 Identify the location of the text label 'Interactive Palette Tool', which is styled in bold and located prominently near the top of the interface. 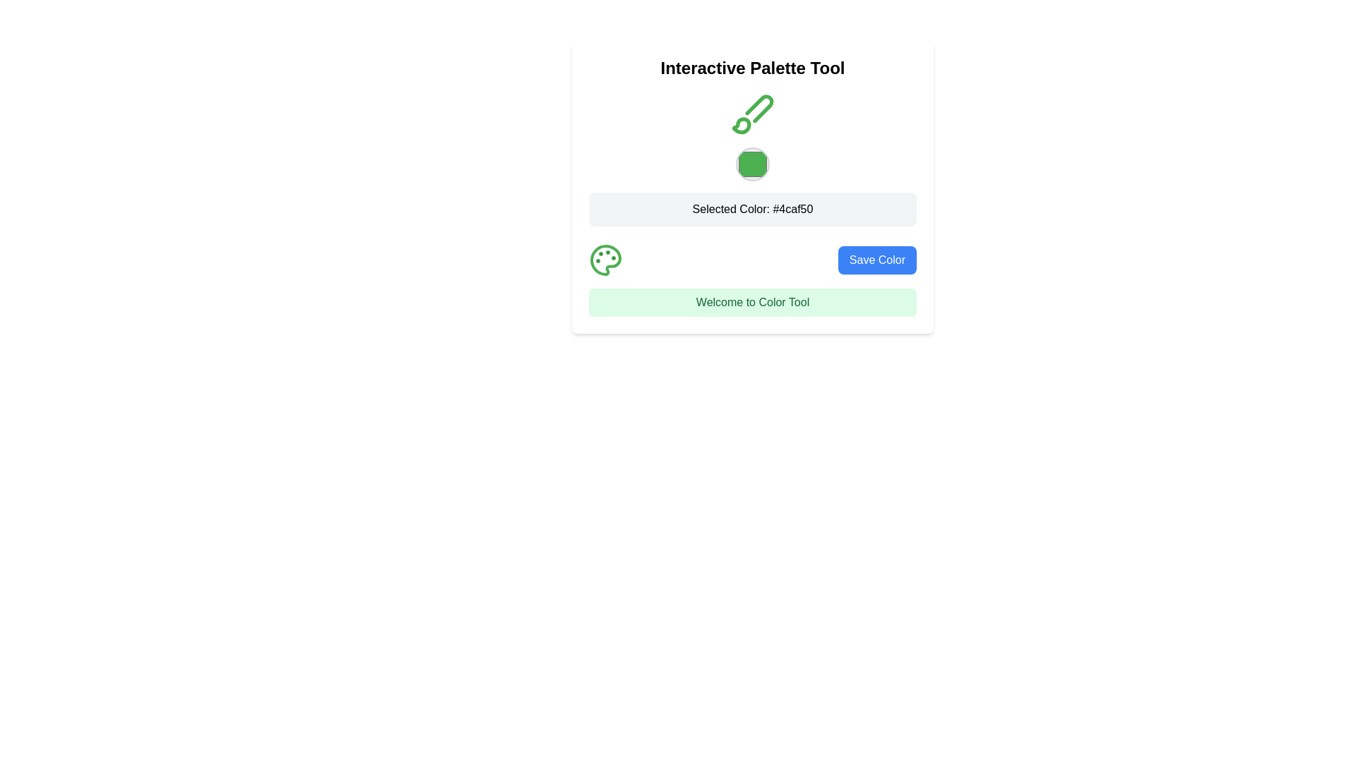
(751, 68).